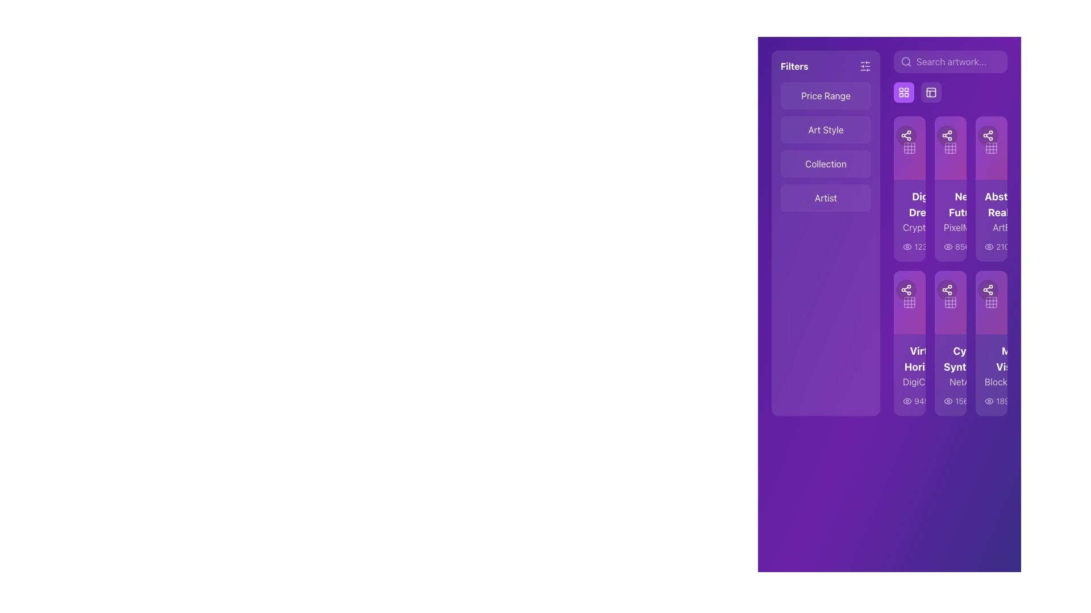 The image size is (1091, 613). Describe the element at coordinates (826, 95) in the screenshot. I see `the price range filter category label located in the left vertical sidebar, positioned under the 'Filters' heading and above 'Art Style.'` at that location.